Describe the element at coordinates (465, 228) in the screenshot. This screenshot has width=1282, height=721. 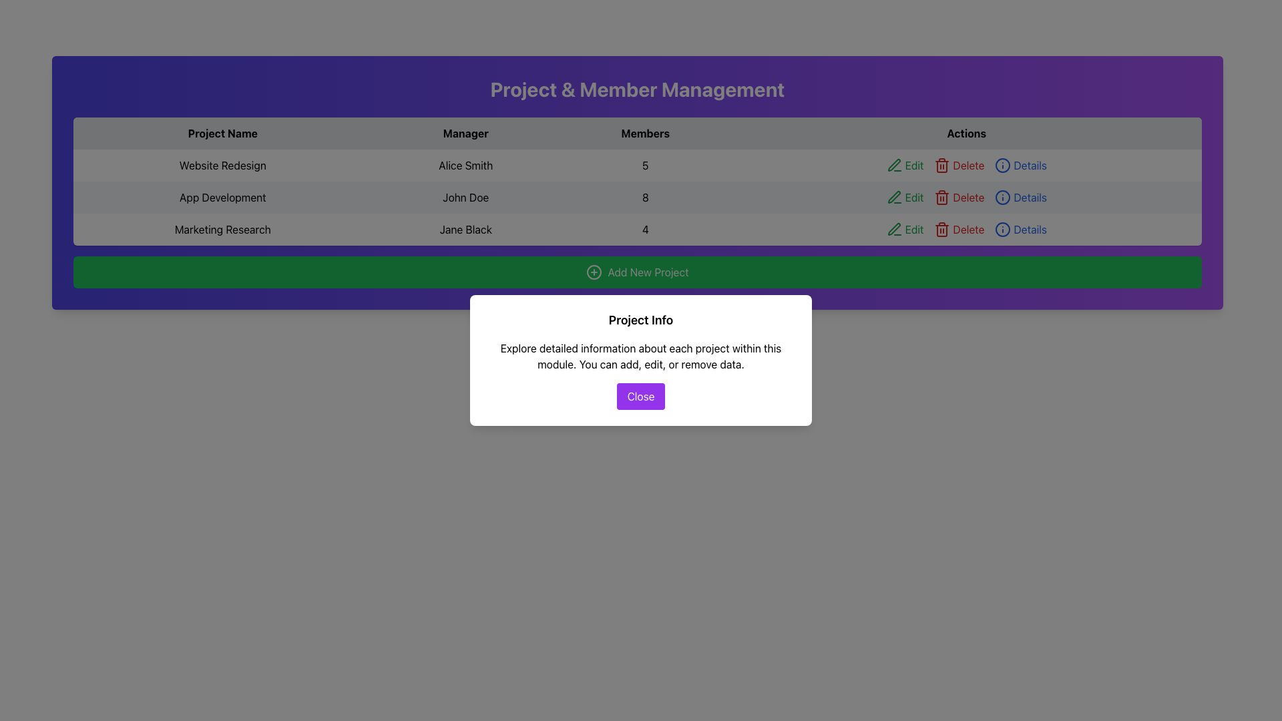
I see `the text label providing information about the manager associated with the project 'Marketing Research', located in the second column of the third row of the table under the header 'Manager'` at that location.